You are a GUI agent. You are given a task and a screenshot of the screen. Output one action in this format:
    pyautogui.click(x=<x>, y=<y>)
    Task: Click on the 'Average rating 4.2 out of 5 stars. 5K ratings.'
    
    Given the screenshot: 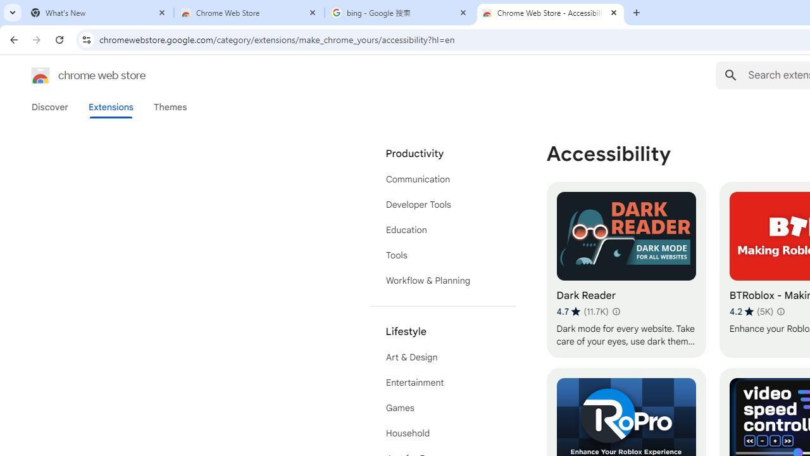 What is the action you would take?
    pyautogui.click(x=751, y=311)
    